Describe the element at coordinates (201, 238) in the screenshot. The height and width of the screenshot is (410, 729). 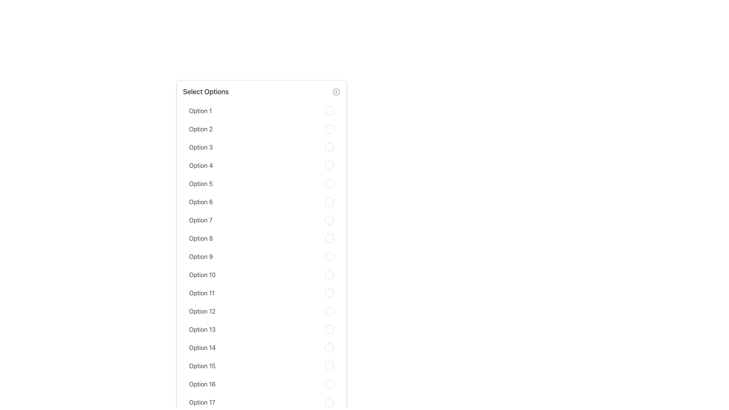
I see `the text label displaying 'Option 8'` at that location.